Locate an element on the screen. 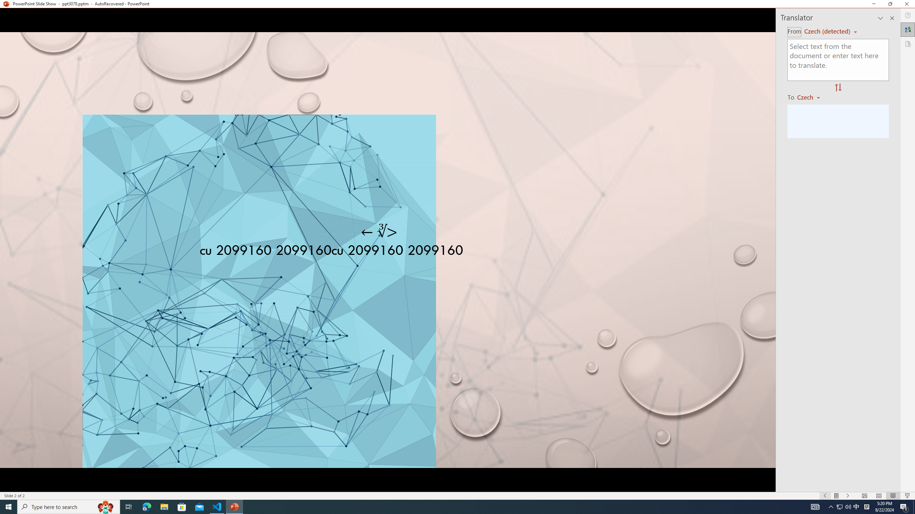 The height and width of the screenshot is (514, 915). 'Slide Show Previous On' is located at coordinates (825, 496).